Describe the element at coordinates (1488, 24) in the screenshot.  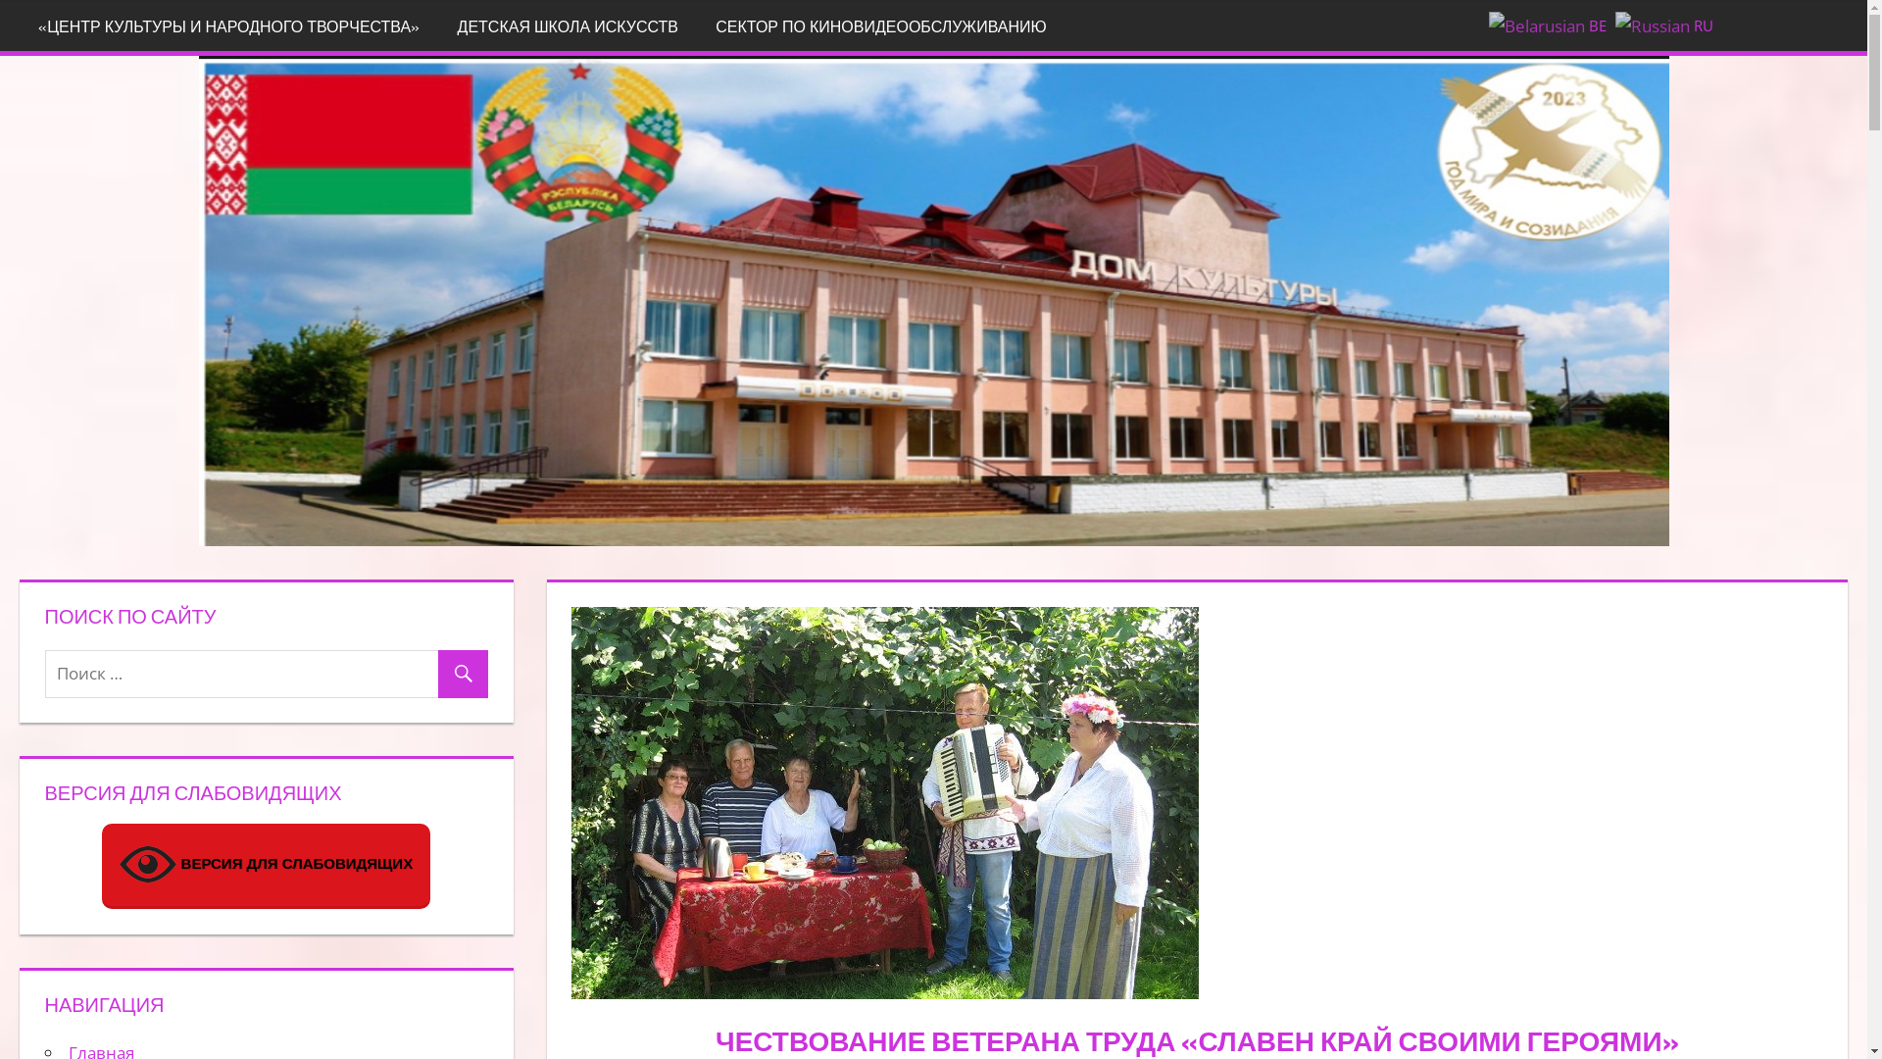
I see `'BE'` at that location.